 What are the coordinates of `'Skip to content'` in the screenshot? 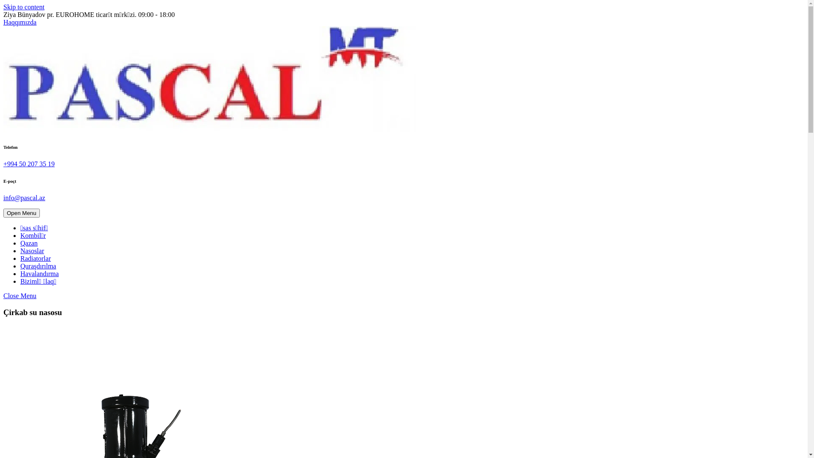 It's located at (24, 7).